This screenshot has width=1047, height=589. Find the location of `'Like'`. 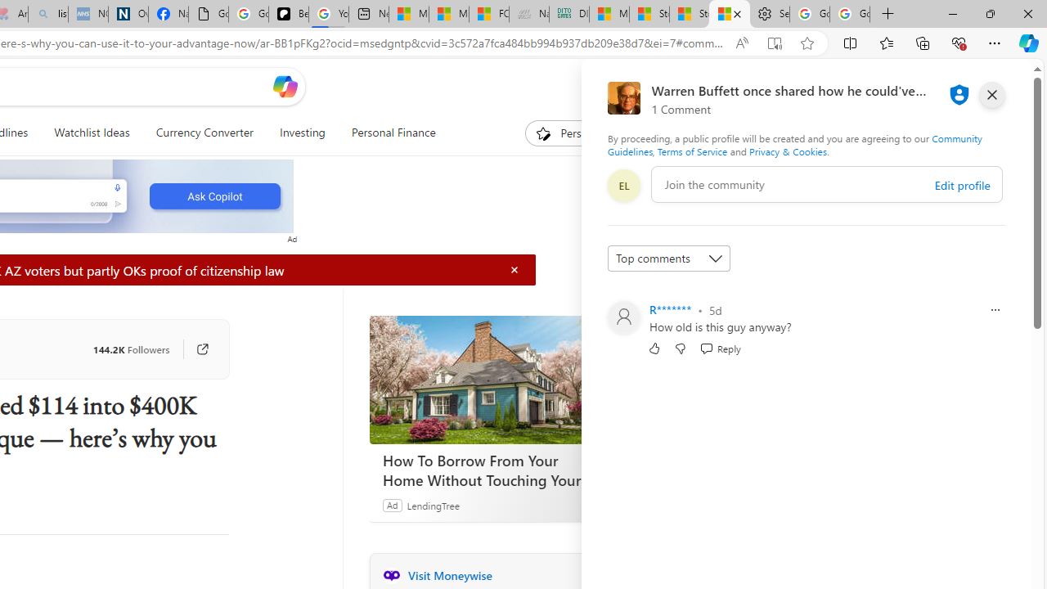

'Like' is located at coordinates (654, 347).